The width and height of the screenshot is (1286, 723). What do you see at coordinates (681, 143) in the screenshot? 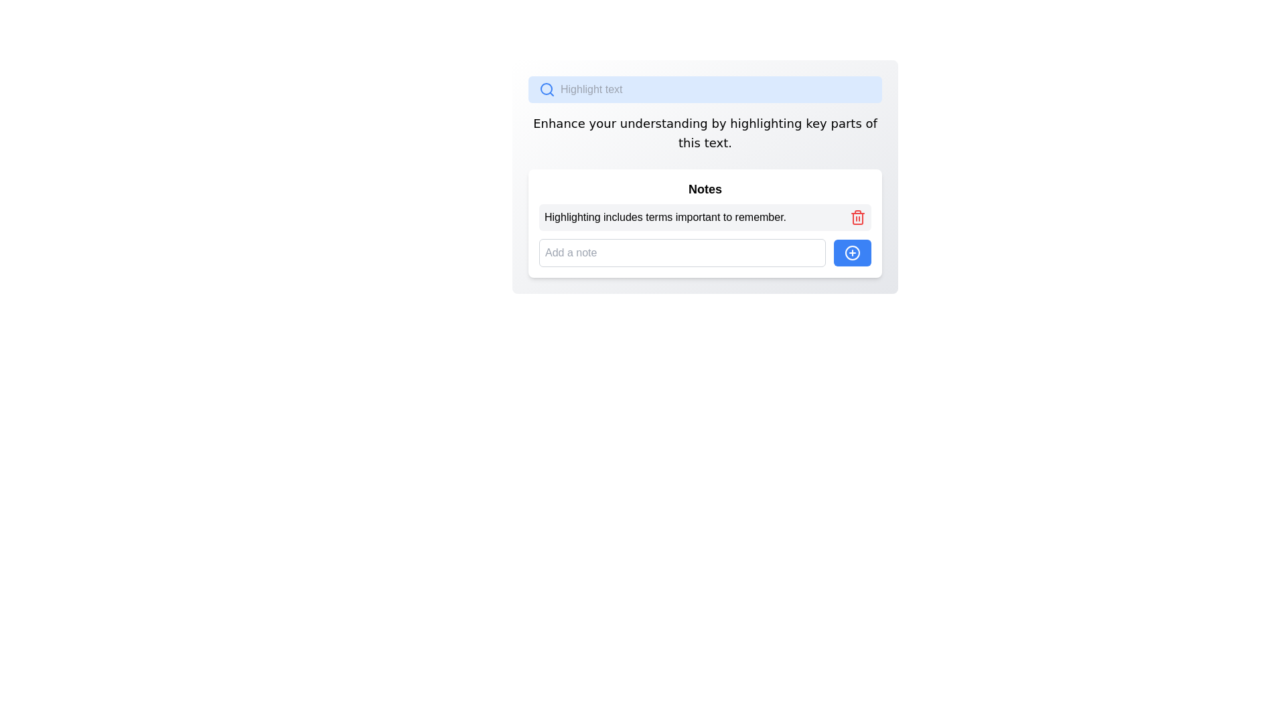
I see `the lowercase 't' character in the text 'Enhance your understanding by highlighting key parts of this text.' which is located at the 67th position within the paragraph` at bounding box center [681, 143].